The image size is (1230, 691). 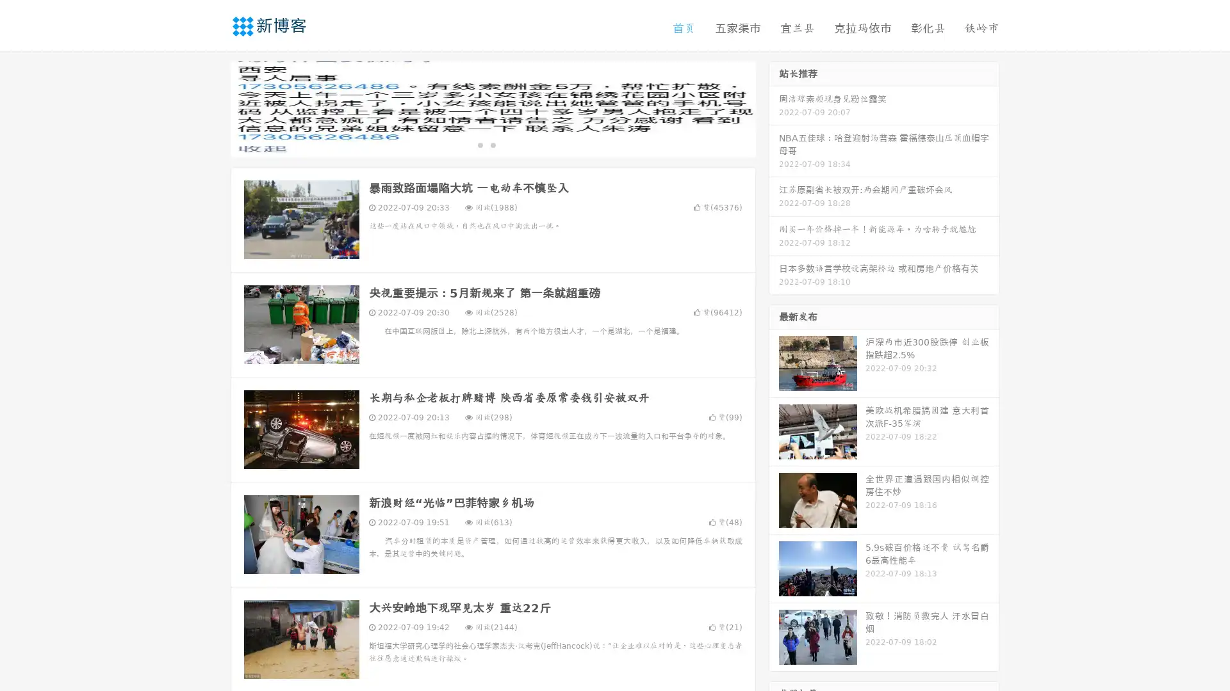 What do you see at coordinates (479, 144) in the screenshot?
I see `Go to slide 1` at bounding box center [479, 144].